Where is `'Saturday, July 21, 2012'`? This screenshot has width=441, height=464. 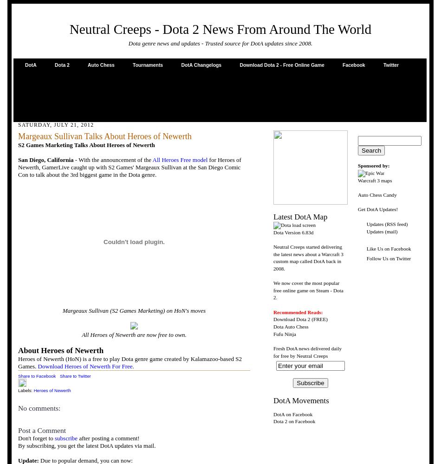
'Saturday, July 21, 2012' is located at coordinates (56, 125).